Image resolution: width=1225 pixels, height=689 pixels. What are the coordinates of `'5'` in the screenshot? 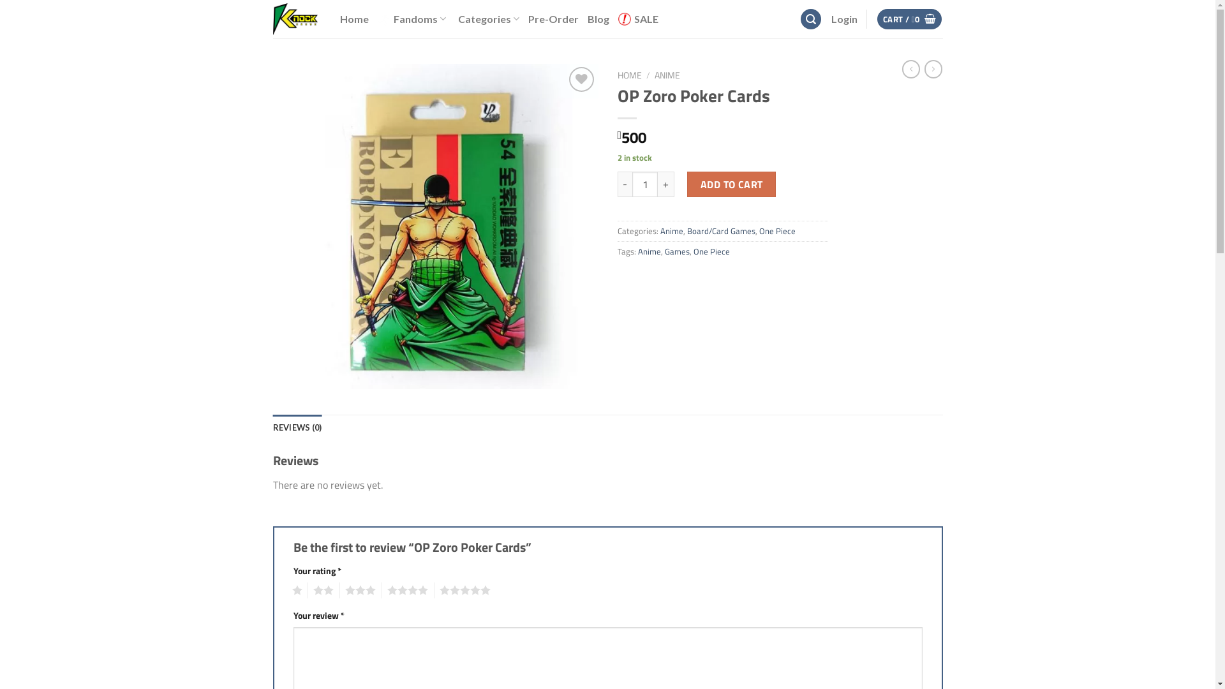 It's located at (461, 590).